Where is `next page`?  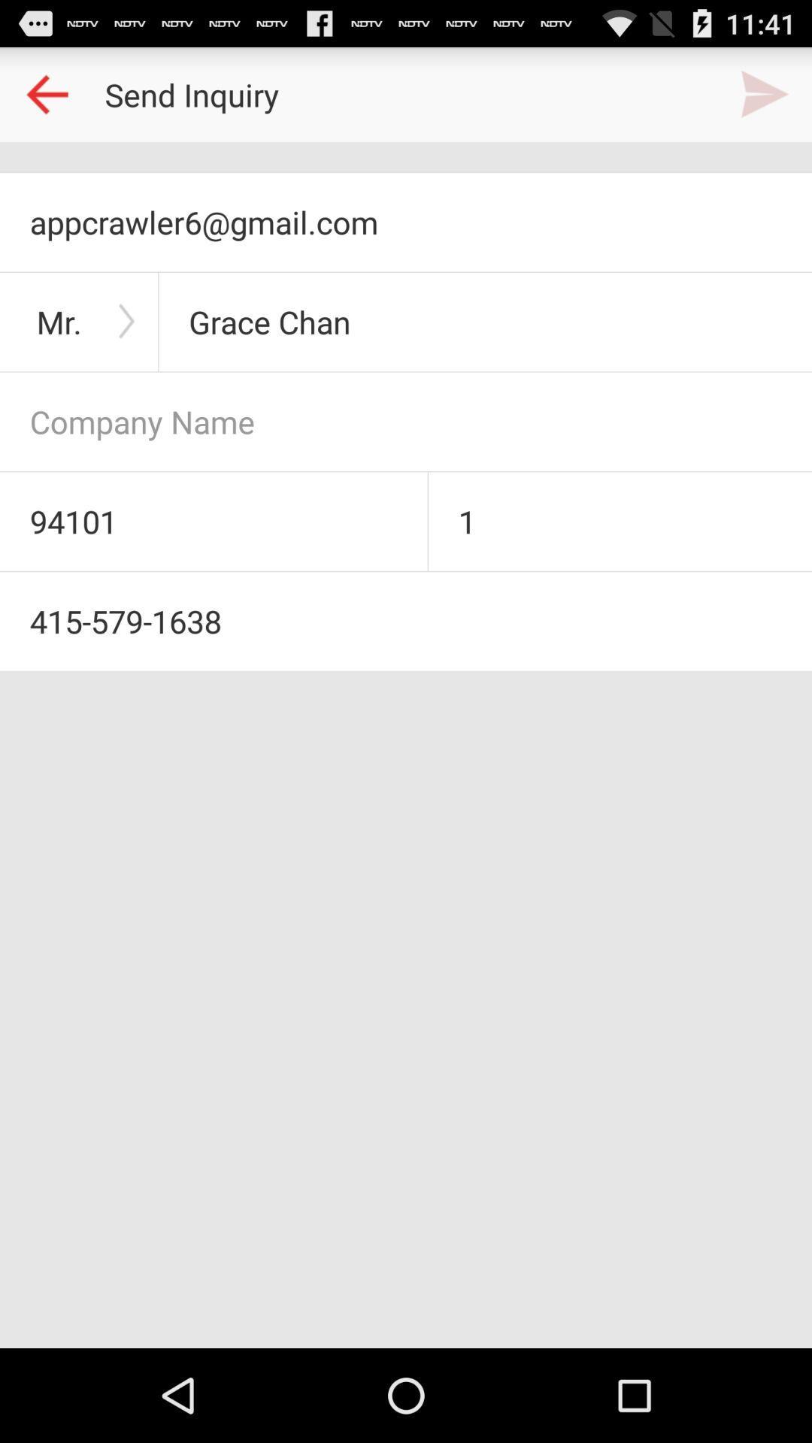
next page is located at coordinates (765, 93).